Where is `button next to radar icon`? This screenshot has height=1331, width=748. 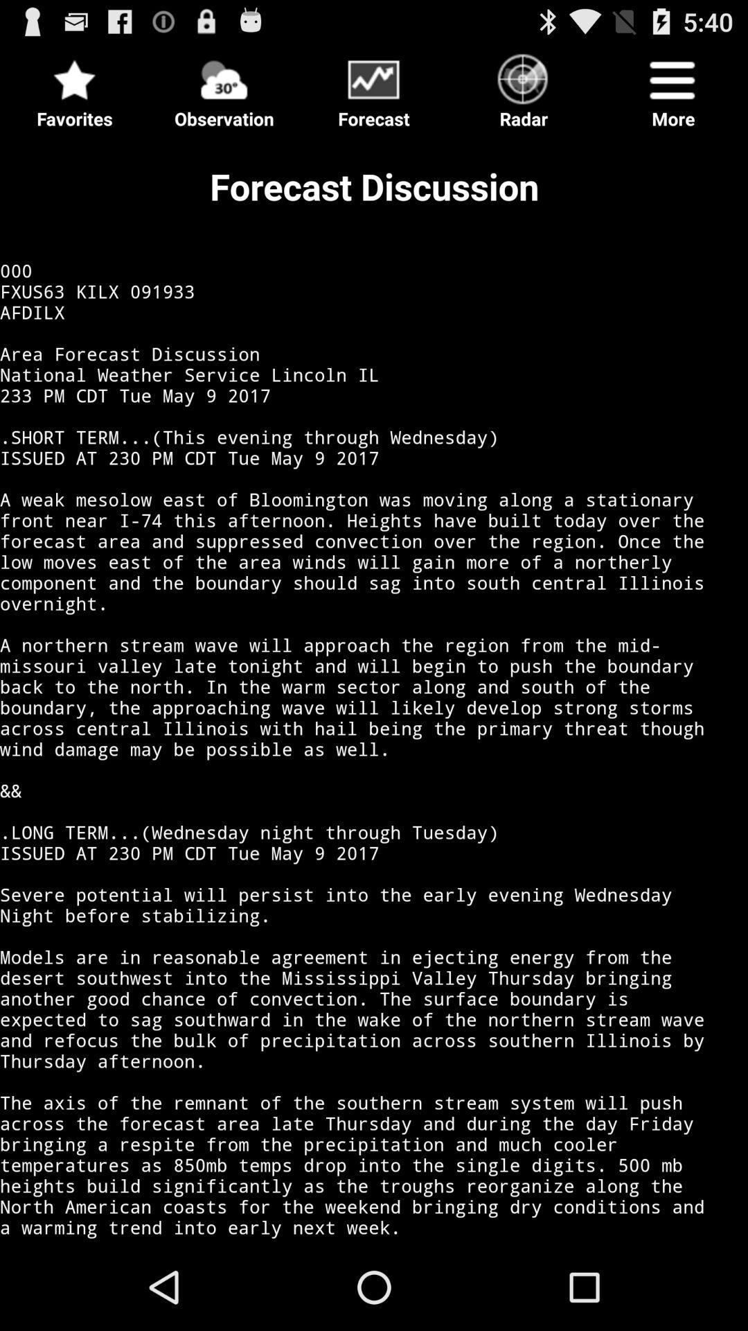 button next to radar icon is located at coordinates (374, 86).